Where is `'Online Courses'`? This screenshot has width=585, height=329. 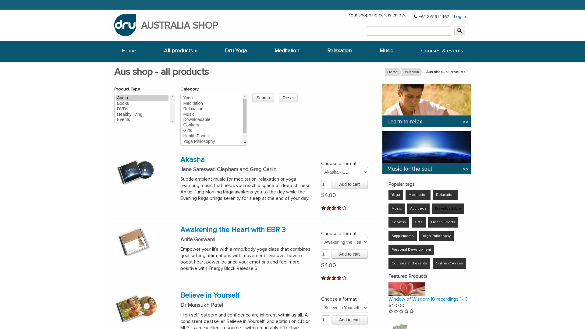 'Online Courses' is located at coordinates (449, 263).